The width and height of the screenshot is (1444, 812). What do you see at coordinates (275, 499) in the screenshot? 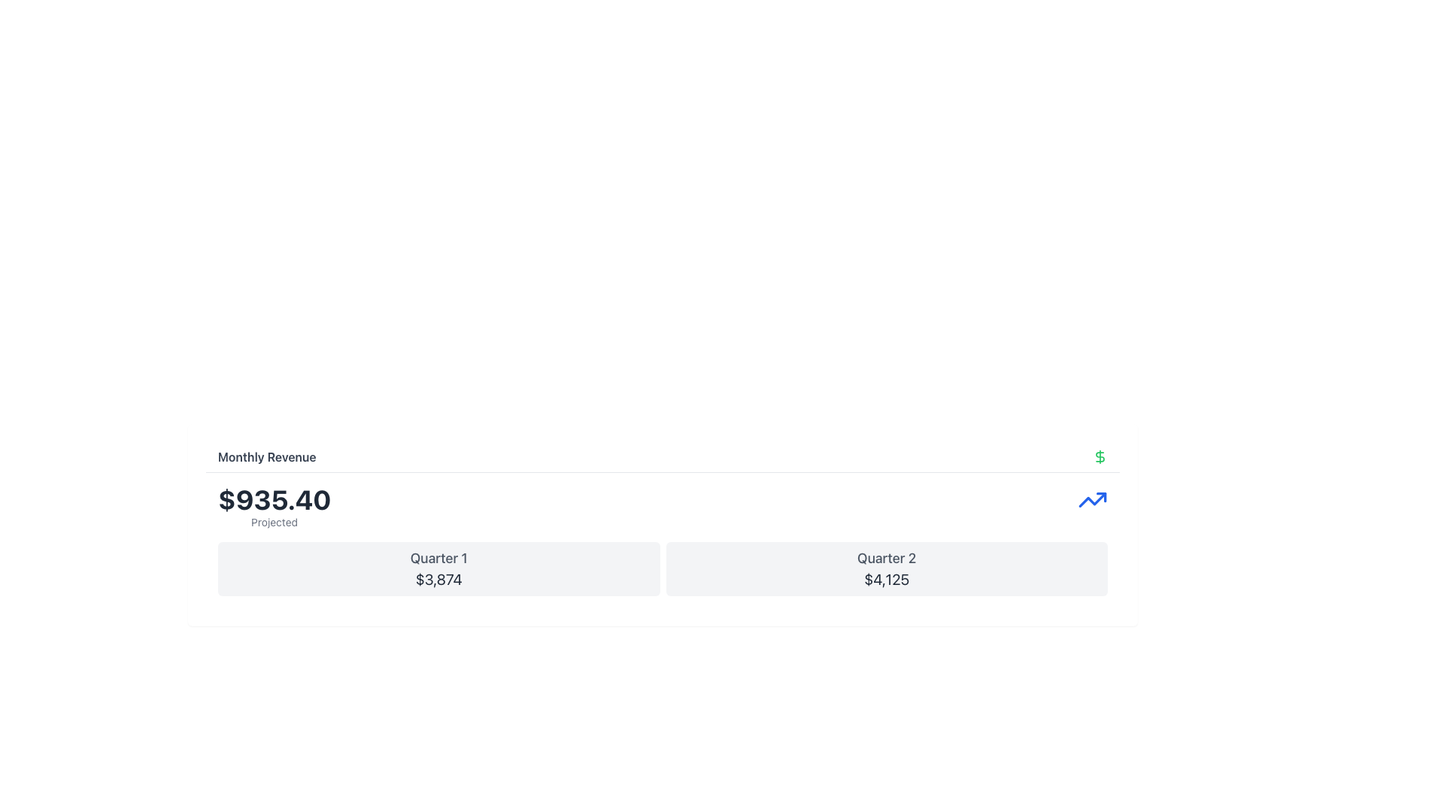
I see `the monetary value text label displaying '$935.40' to read it` at bounding box center [275, 499].